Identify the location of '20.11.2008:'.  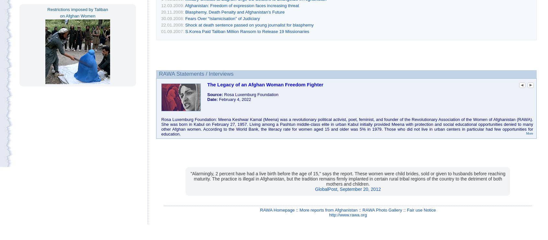
(173, 12).